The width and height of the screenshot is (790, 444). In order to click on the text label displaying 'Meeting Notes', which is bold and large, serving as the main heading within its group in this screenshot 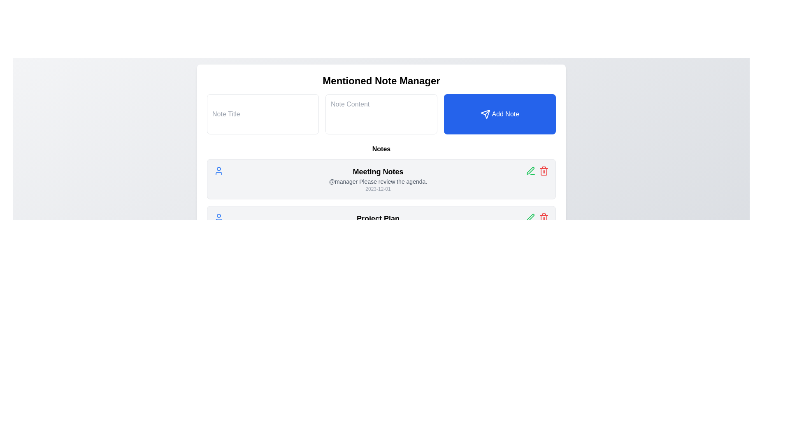, I will do `click(377, 171)`.